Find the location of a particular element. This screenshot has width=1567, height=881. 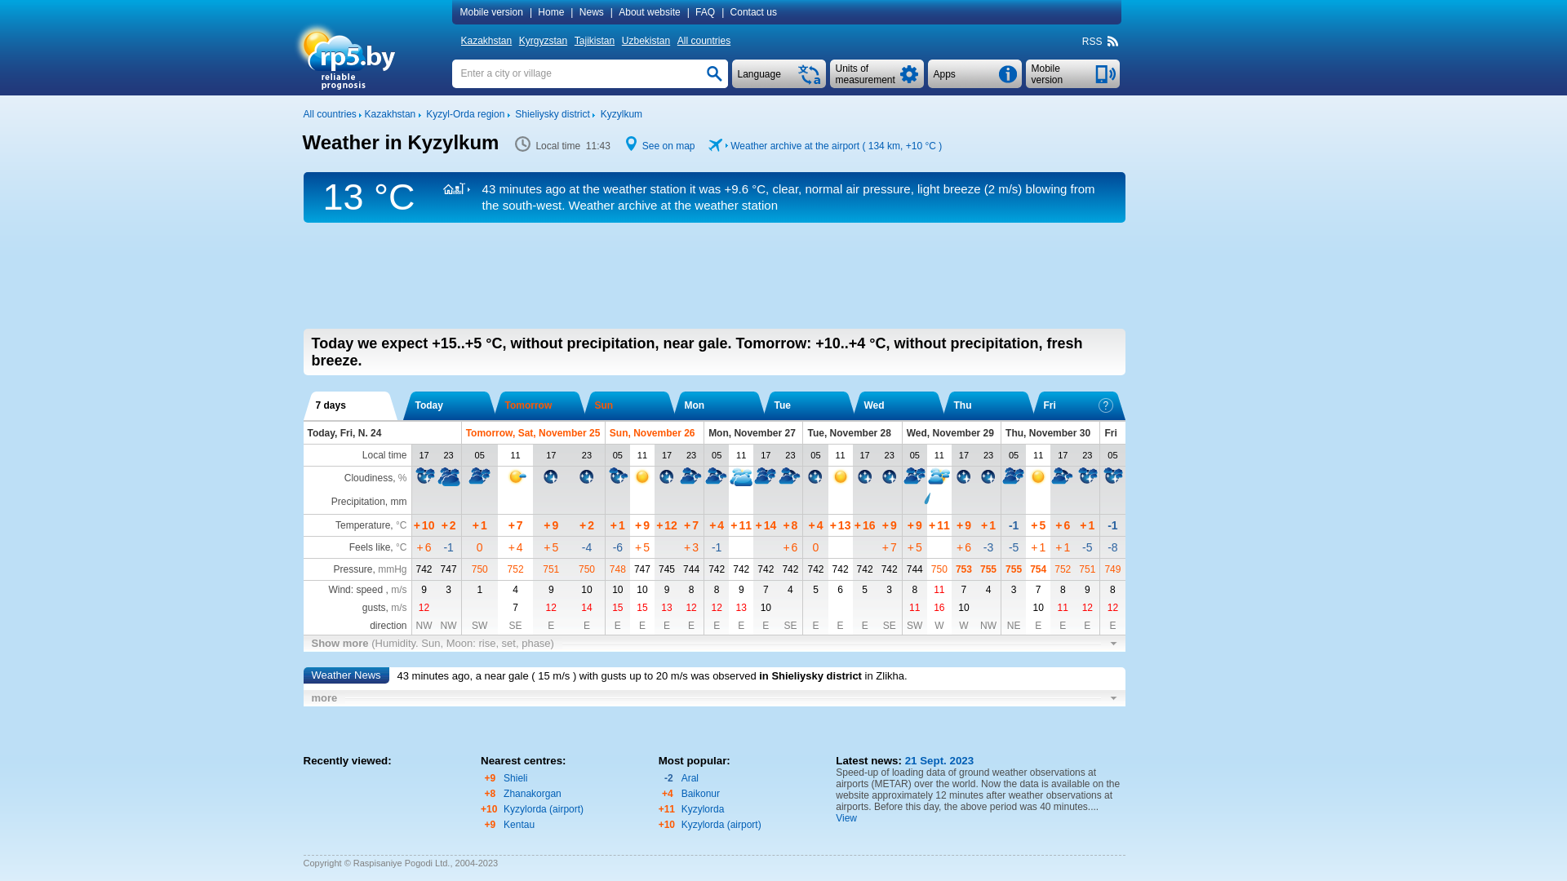

'Fri' is located at coordinates (1077, 405).